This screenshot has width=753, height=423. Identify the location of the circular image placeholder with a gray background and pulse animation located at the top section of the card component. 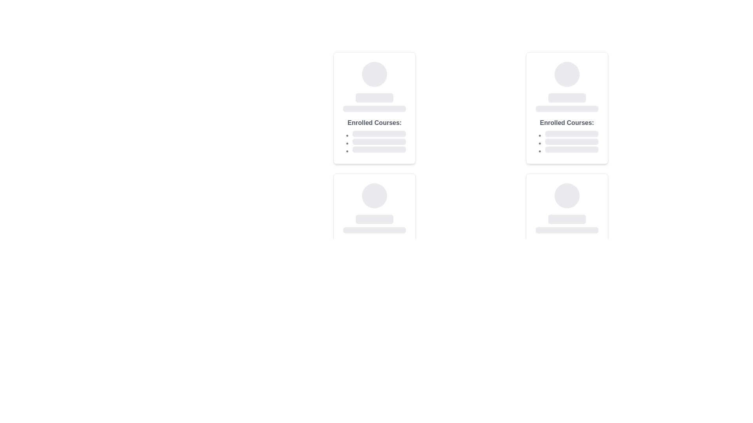
(374, 195).